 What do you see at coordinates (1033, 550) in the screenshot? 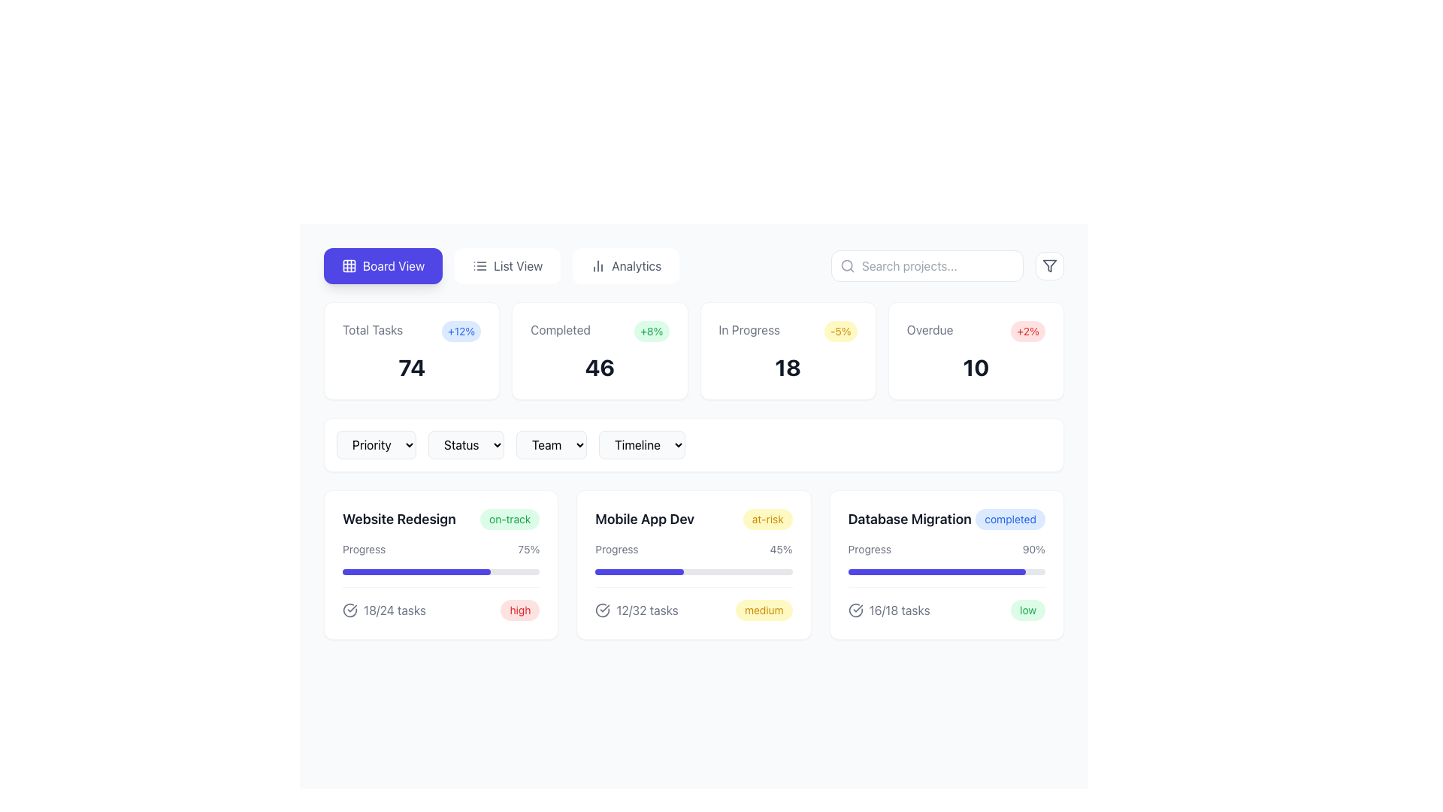
I see `the progress indicator text label located in the 'Database Migration' card` at bounding box center [1033, 550].